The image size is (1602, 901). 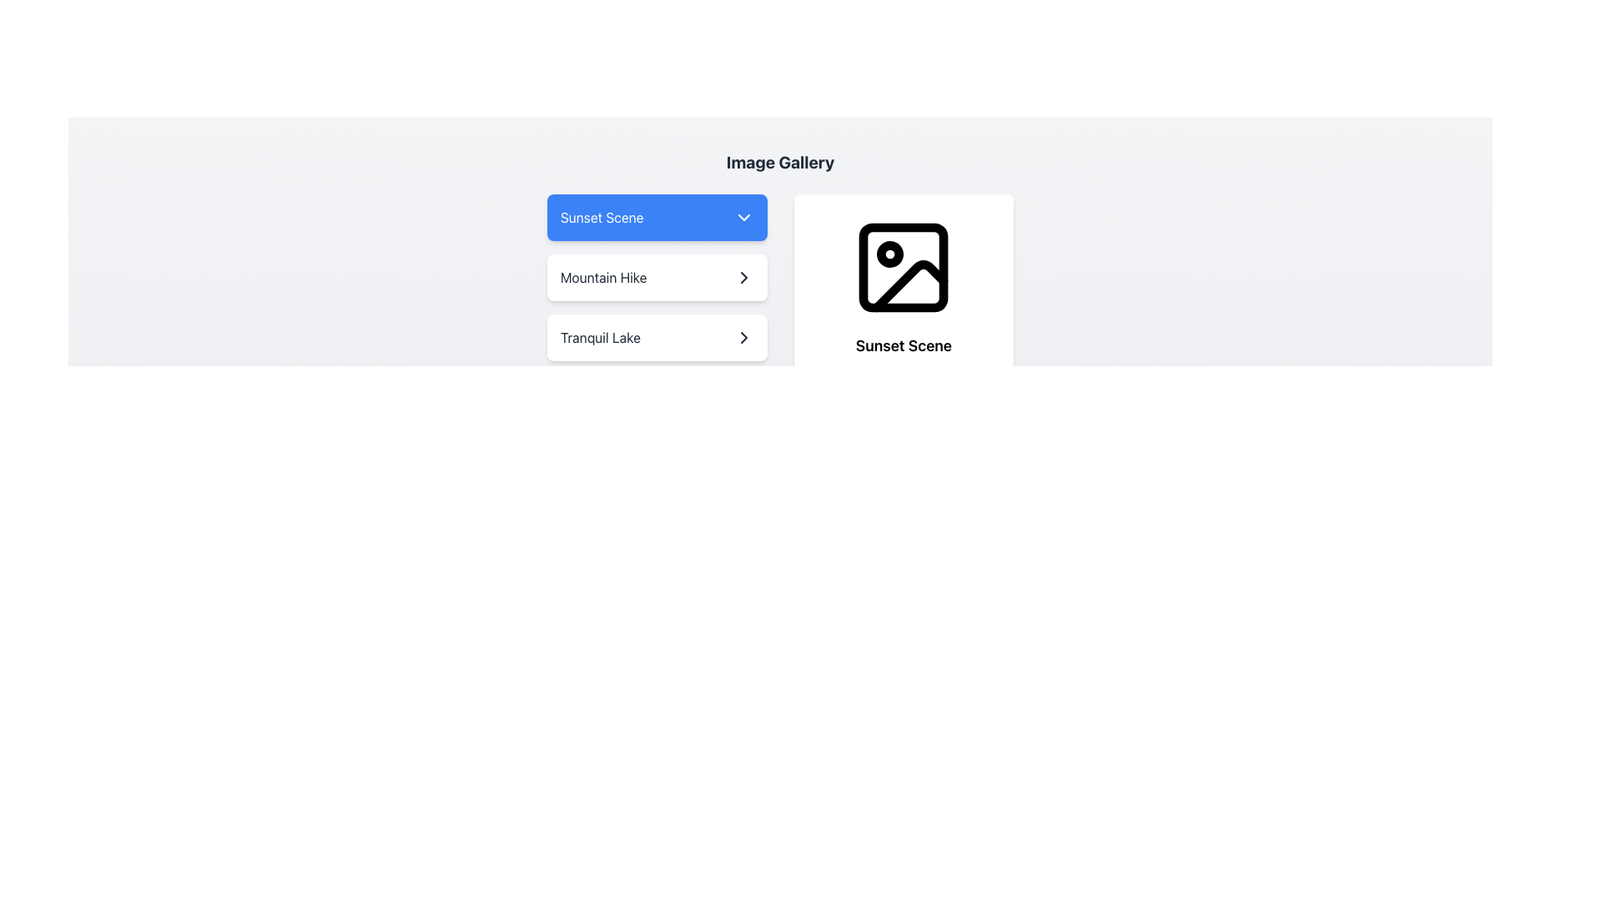 What do you see at coordinates (743, 276) in the screenshot?
I see `the Chevron Icon located at the far-right end of the 'Mountain Hike' selection button` at bounding box center [743, 276].